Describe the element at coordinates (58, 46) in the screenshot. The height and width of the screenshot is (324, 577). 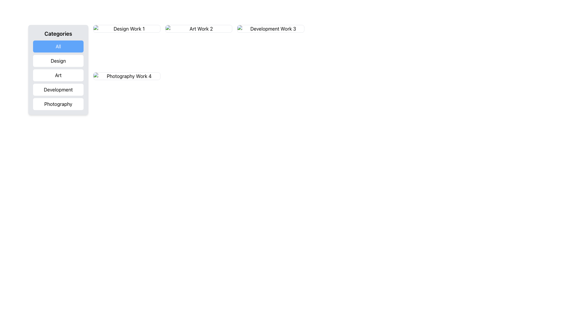
I see `the 'All' category filter button located at the top of the vertical list in the 'Categories' section on the left side of the interface` at that location.